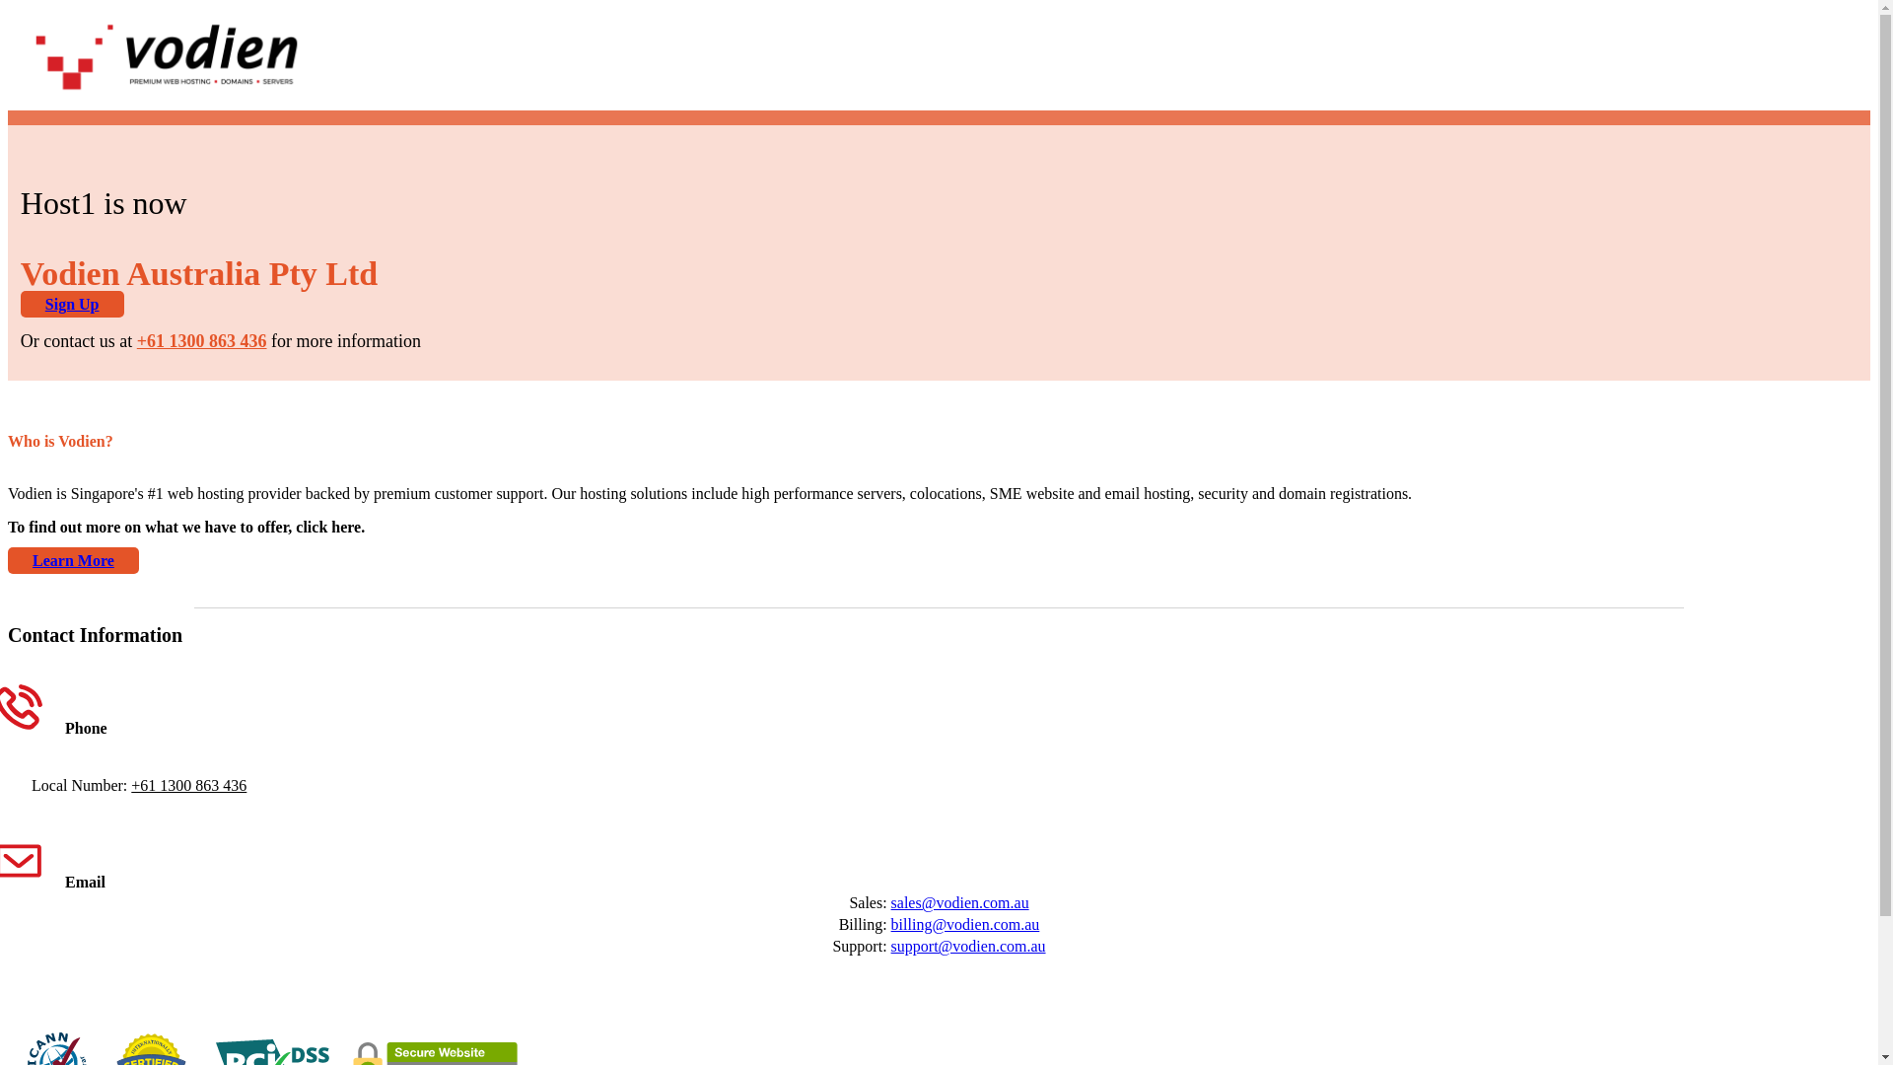 This screenshot has width=1893, height=1065. What do you see at coordinates (968, 945) in the screenshot?
I see `'support@vodien.com.au'` at bounding box center [968, 945].